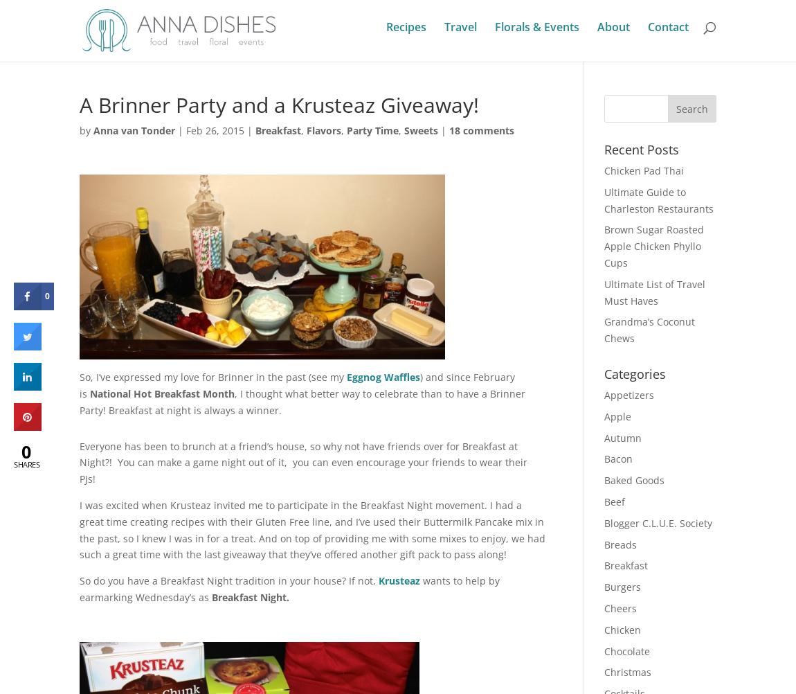  I want to click on 'So do you have a Breakfast Night tradition in your house? If not,', so click(228, 580).